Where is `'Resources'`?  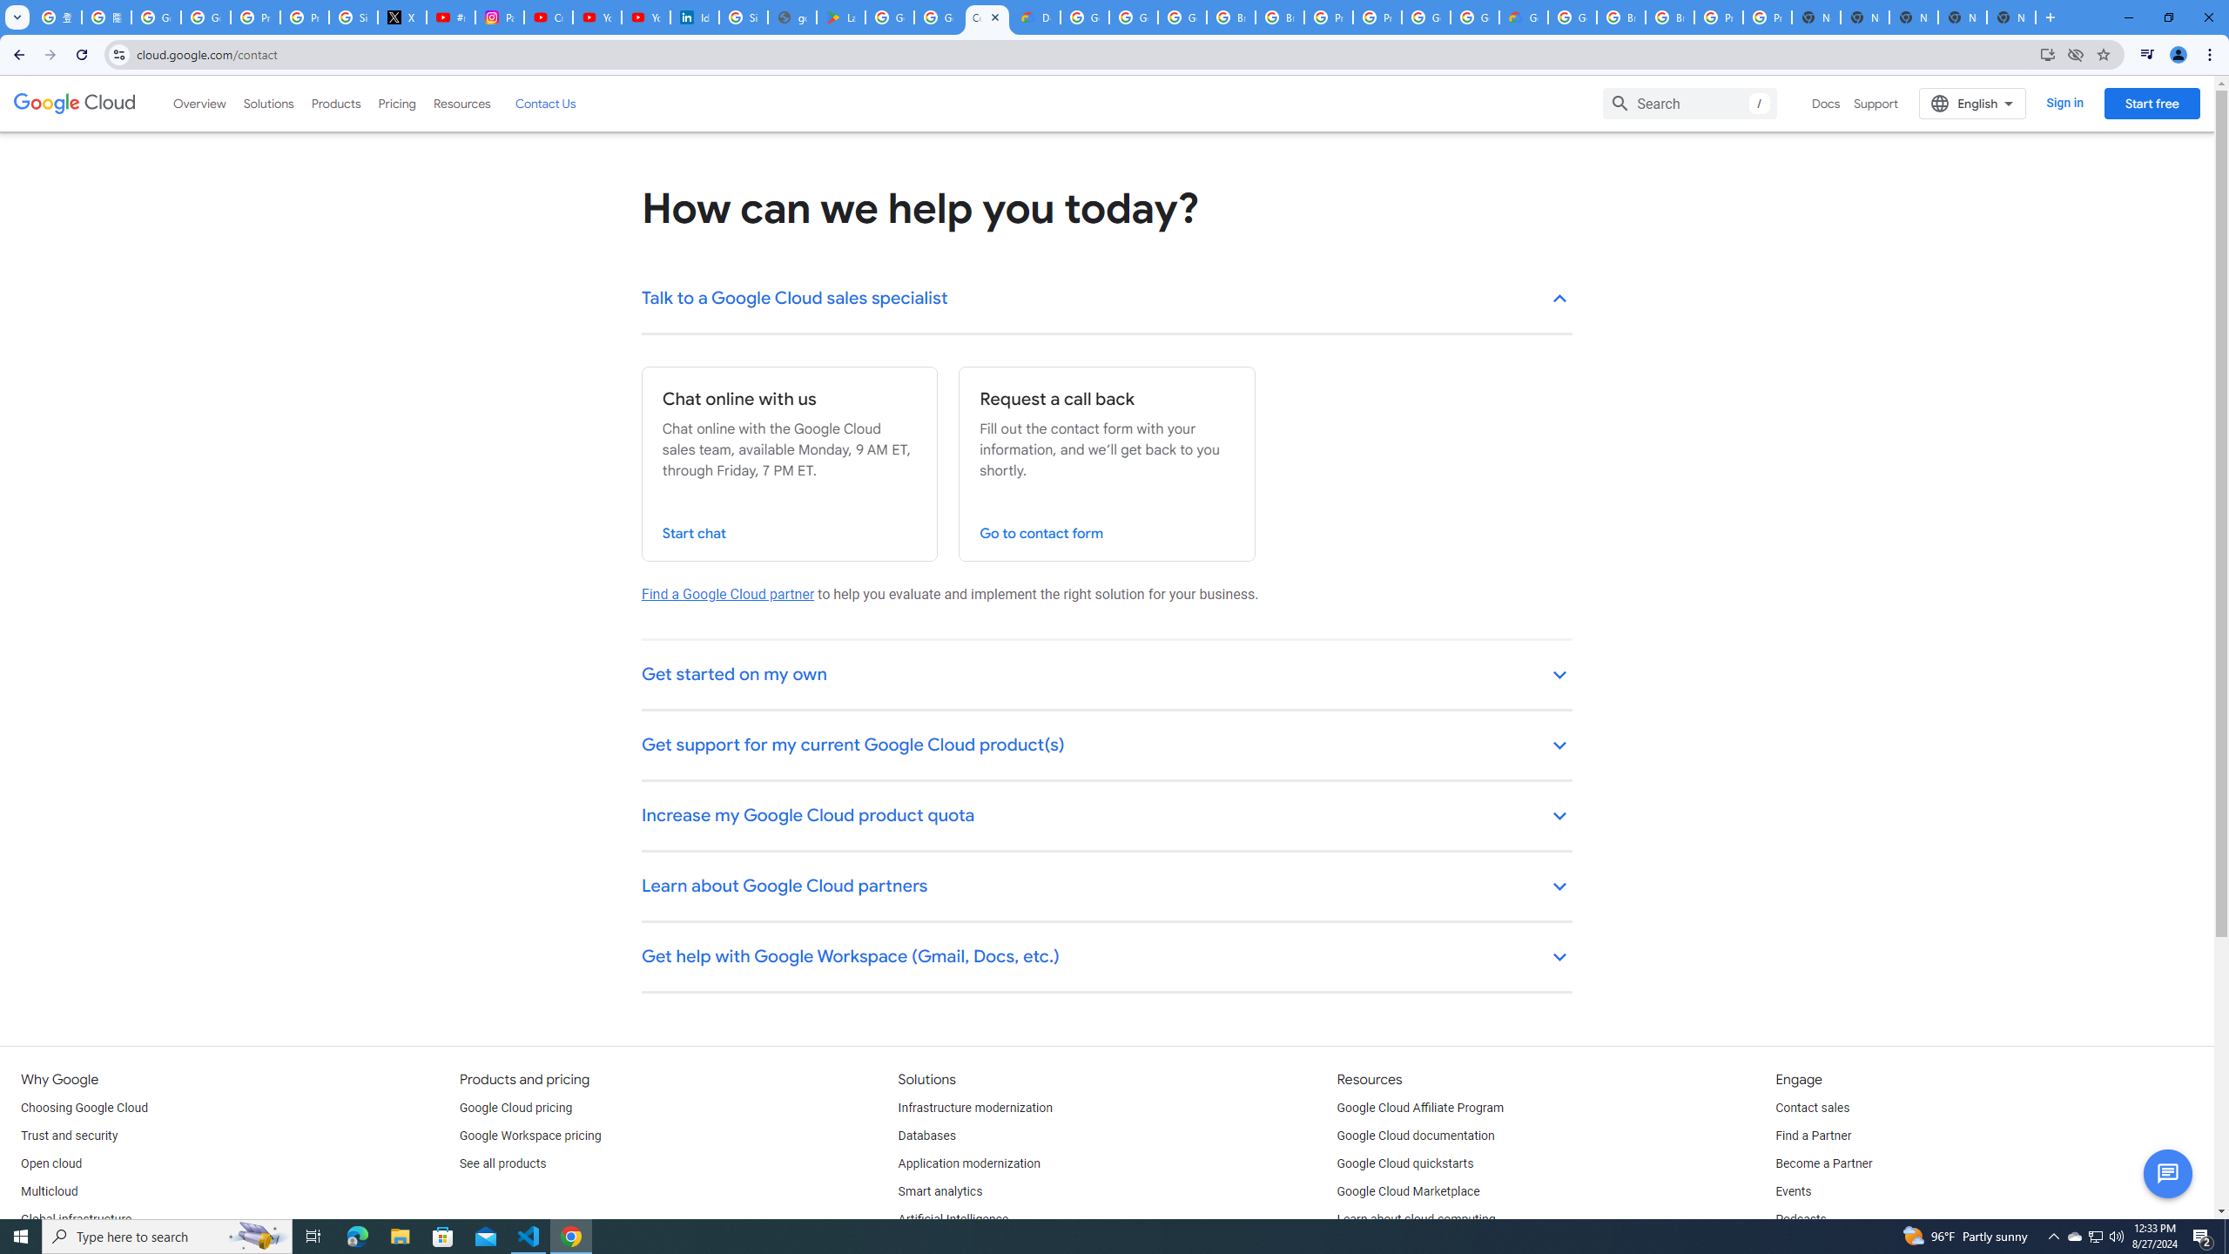
'Resources' is located at coordinates (461, 103).